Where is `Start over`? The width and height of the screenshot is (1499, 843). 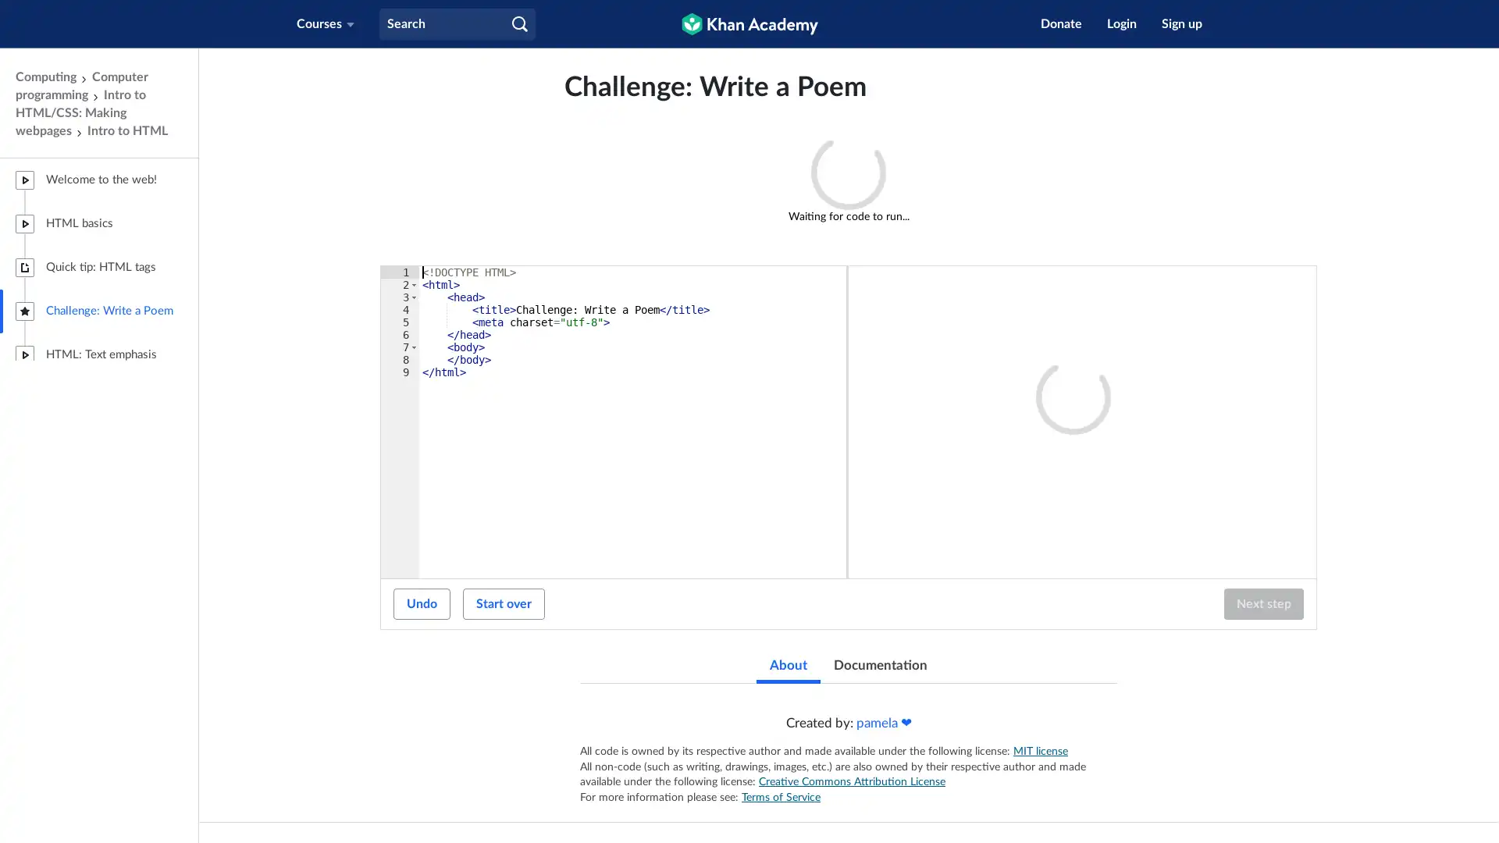
Start over is located at coordinates (504, 597).